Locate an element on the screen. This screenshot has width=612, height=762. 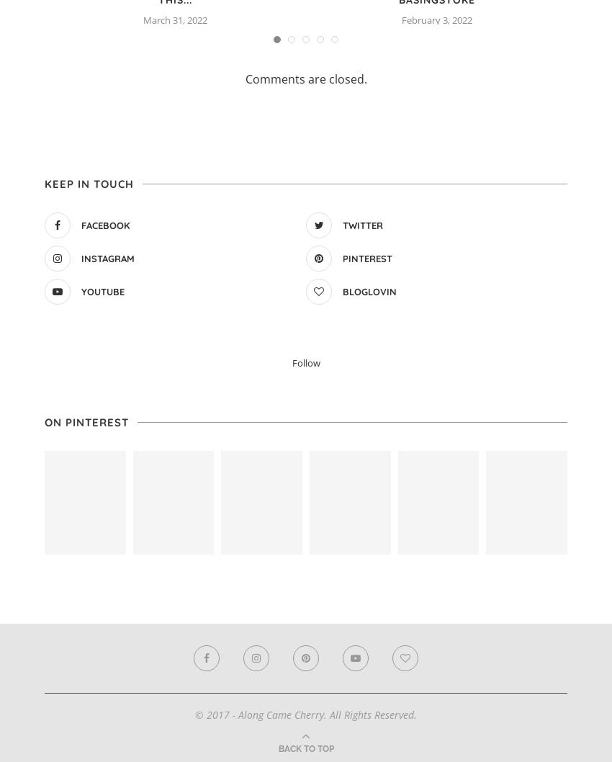
'Instagram' is located at coordinates (108, 258).